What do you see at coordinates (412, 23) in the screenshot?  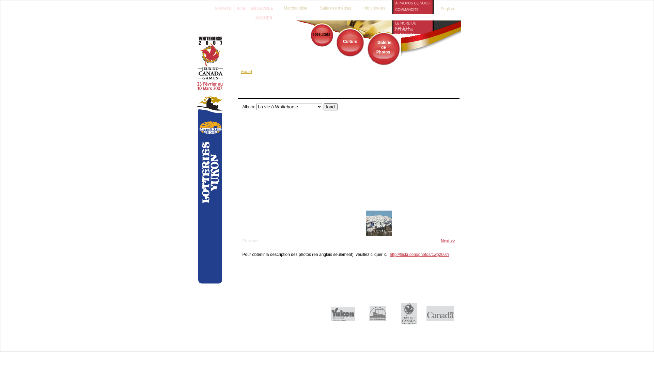 I see `'LE NORD DU CANADA'` at bounding box center [412, 23].